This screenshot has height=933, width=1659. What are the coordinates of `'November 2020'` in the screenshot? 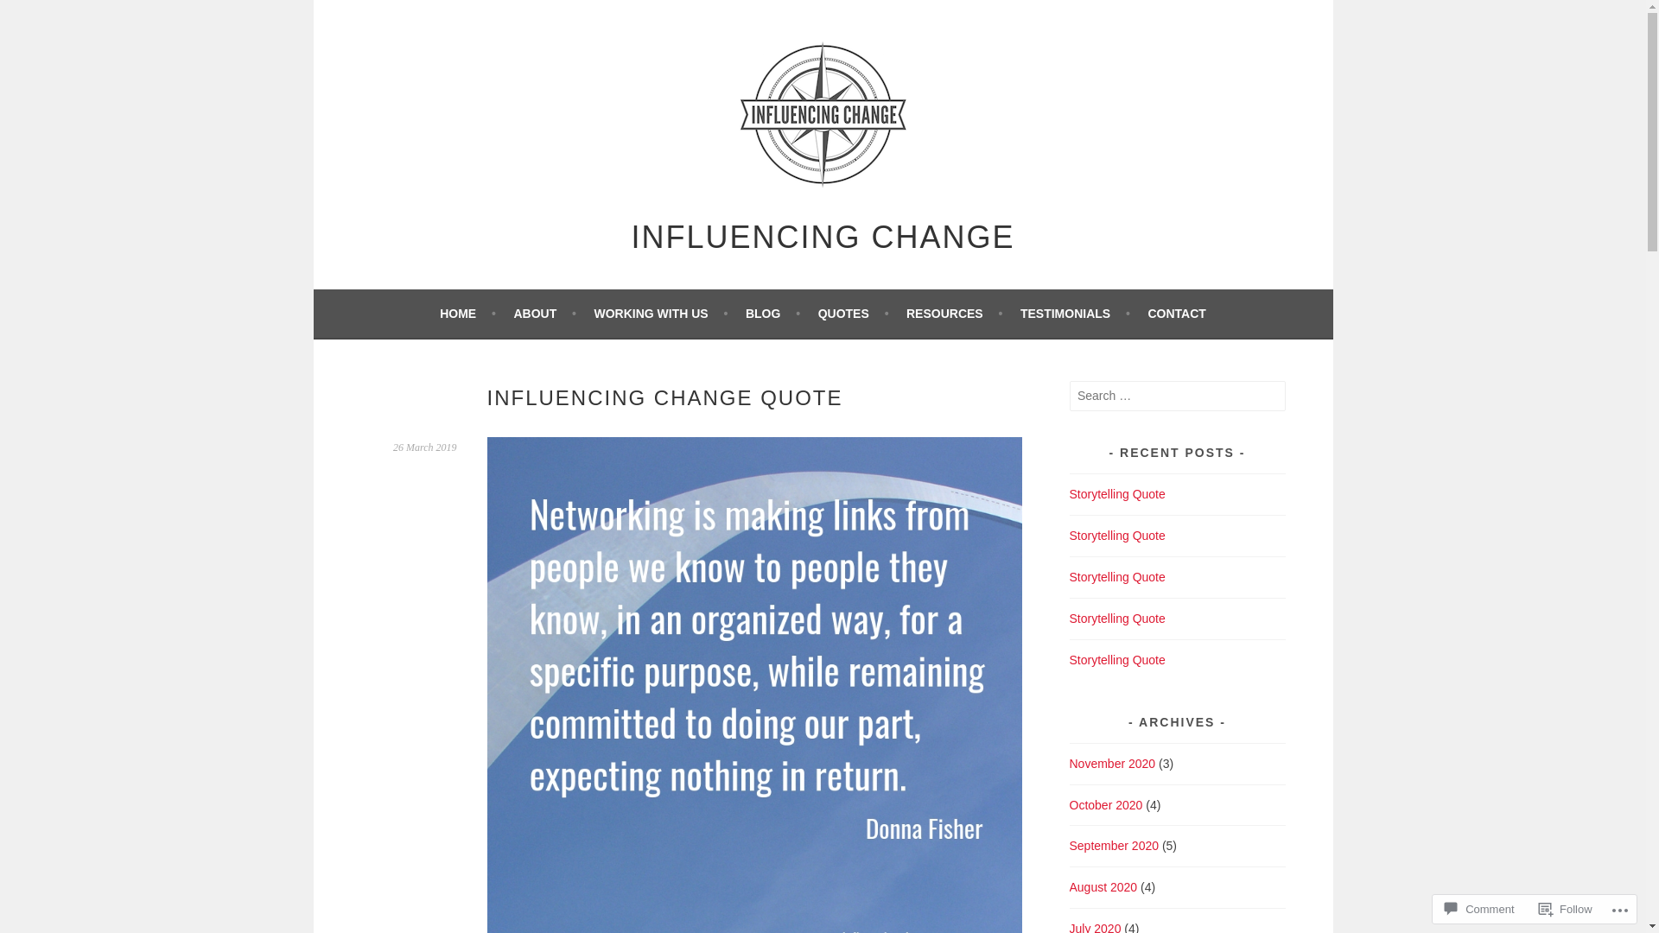 It's located at (1069, 762).